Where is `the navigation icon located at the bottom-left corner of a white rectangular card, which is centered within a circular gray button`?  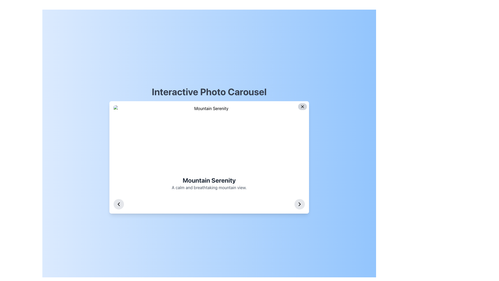 the navigation icon located at the bottom-left corner of a white rectangular card, which is centered within a circular gray button is located at coordinates (118, 204).